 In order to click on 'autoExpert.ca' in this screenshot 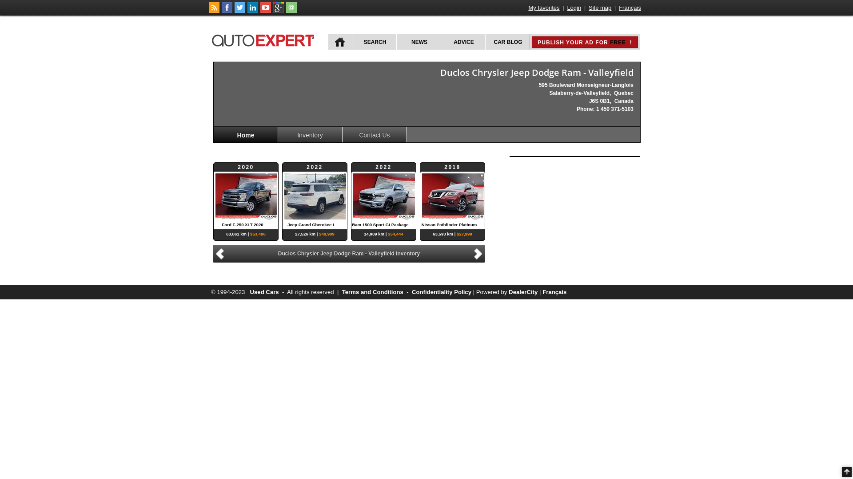, I will do `click(264, 39)`.